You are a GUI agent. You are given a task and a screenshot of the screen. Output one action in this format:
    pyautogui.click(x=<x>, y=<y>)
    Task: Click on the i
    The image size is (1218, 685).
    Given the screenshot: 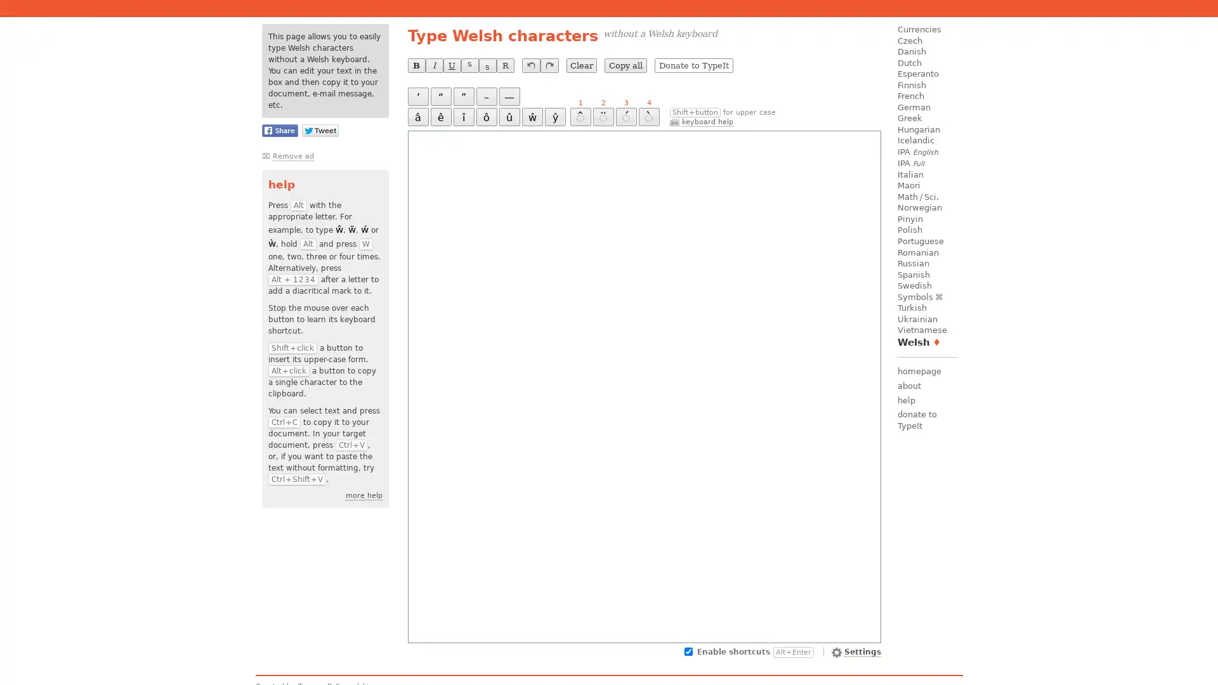 What is the action you would take?
    pyautogui.click(x=462, y=117)
    